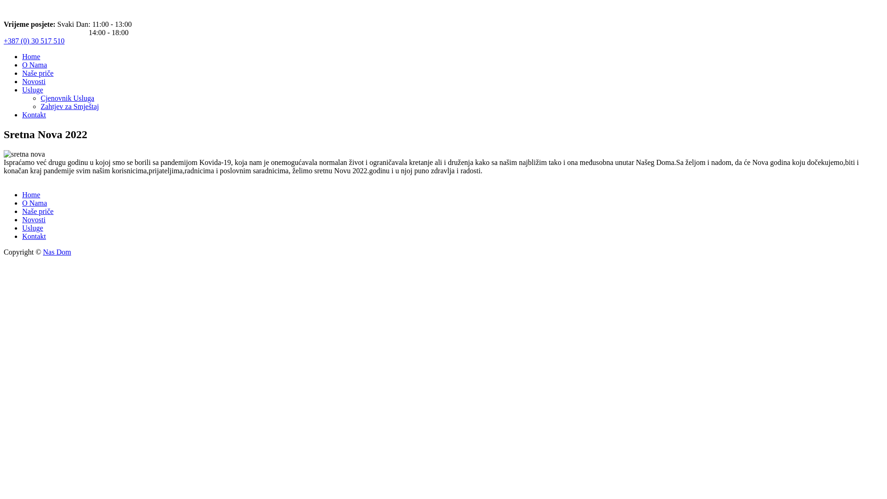 The image size is (887, 499). What do you see at coordinates (34, 40) in the screenshot?
I see `'+387 (0) 30 517 510'` at bounding box center [34, 40].